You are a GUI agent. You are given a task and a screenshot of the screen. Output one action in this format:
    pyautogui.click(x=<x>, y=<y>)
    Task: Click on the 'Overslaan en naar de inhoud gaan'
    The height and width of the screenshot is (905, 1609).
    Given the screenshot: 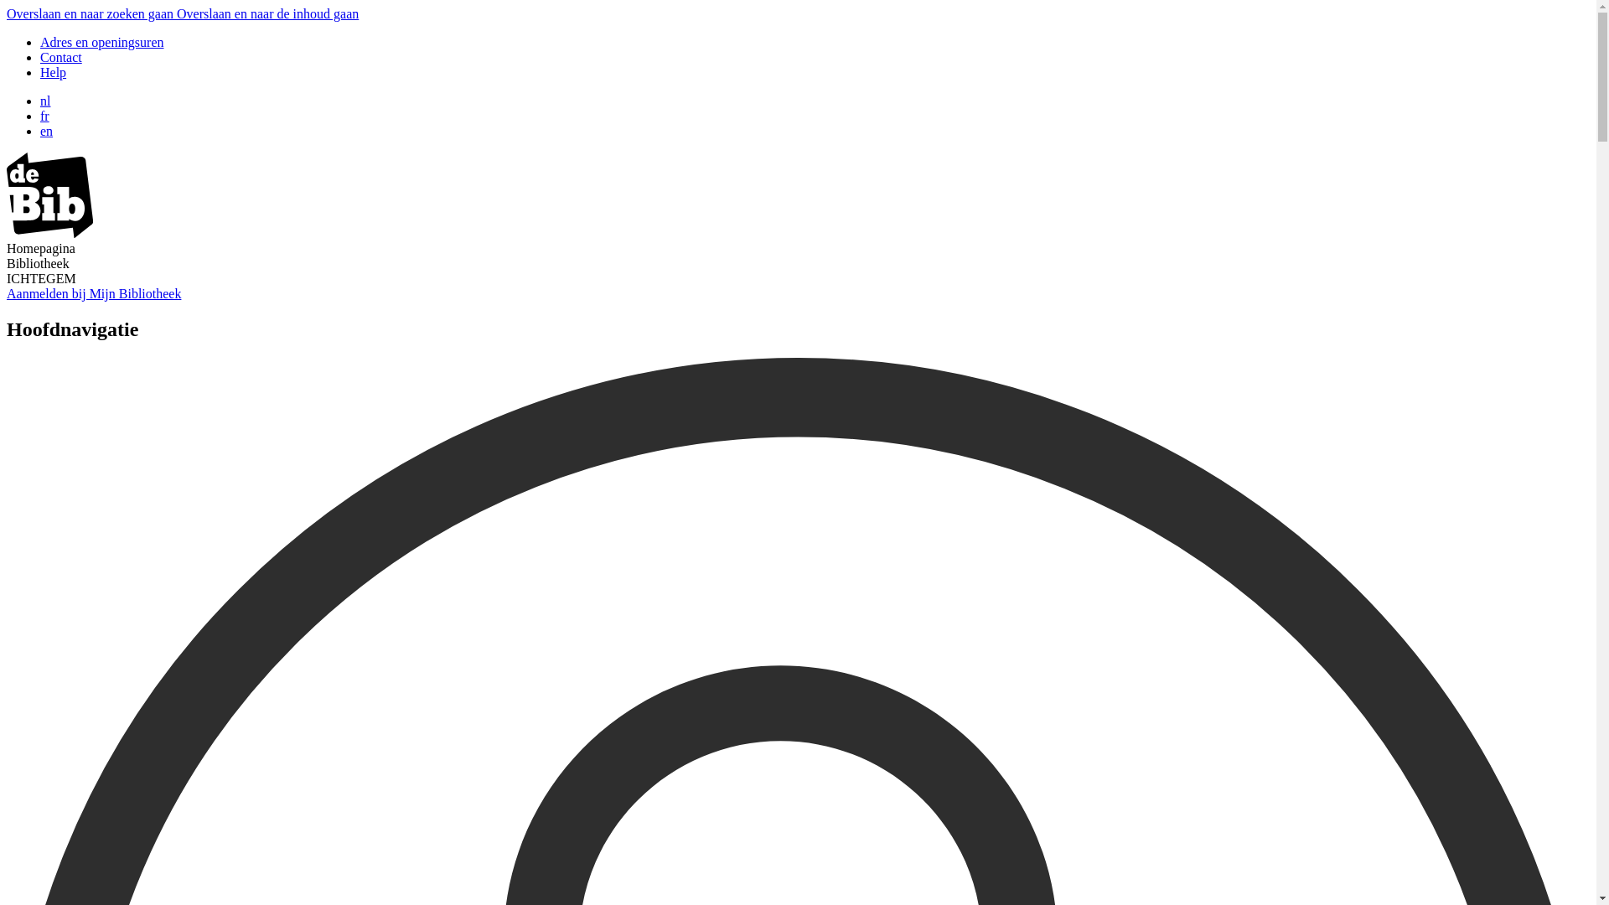 What is the action you would take?
    pyautogui.click(x=266, y=13)
    